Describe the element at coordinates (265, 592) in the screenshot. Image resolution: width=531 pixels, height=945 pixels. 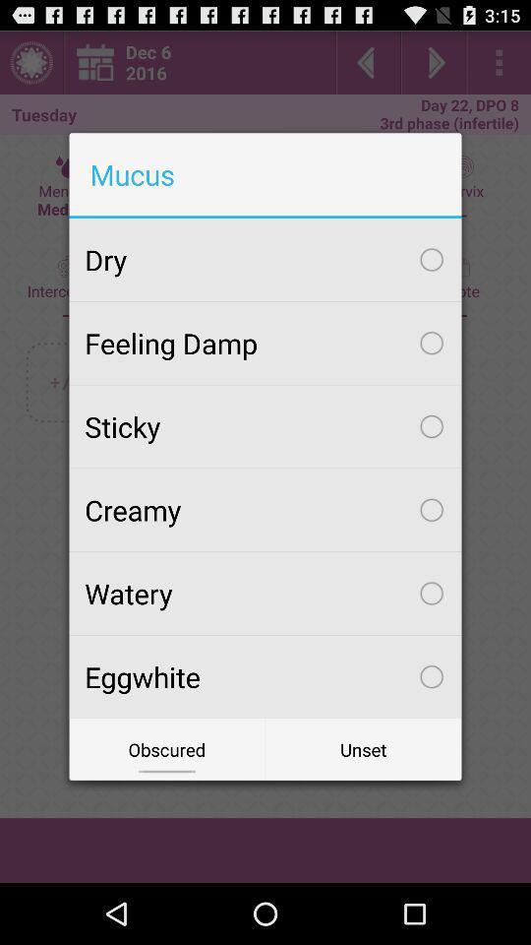
I see `checkbox below creamy icon` at that location.